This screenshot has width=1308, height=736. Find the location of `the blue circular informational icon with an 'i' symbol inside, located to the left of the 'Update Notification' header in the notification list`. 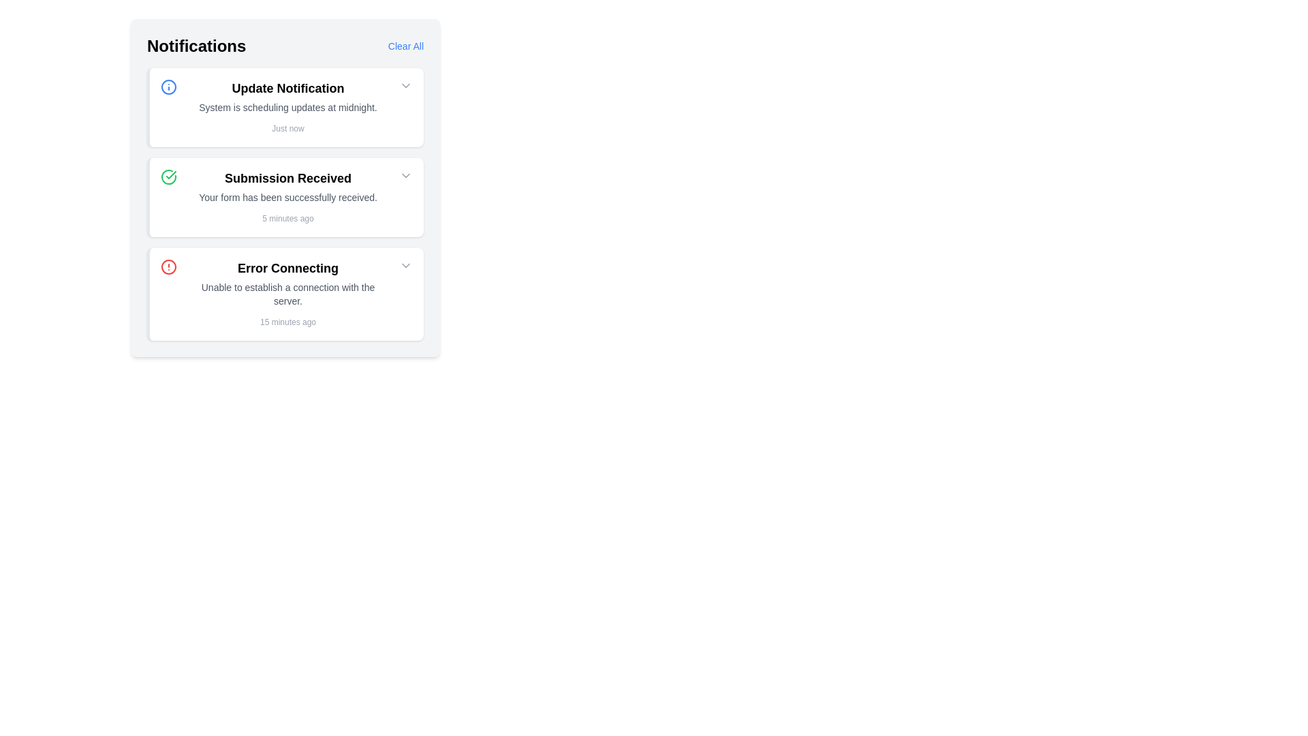

the blue circular informational icon with an 'i' symbol inside, located to the left of the 'Update Notification' header in the notification list is located at coordinates (168, 87).